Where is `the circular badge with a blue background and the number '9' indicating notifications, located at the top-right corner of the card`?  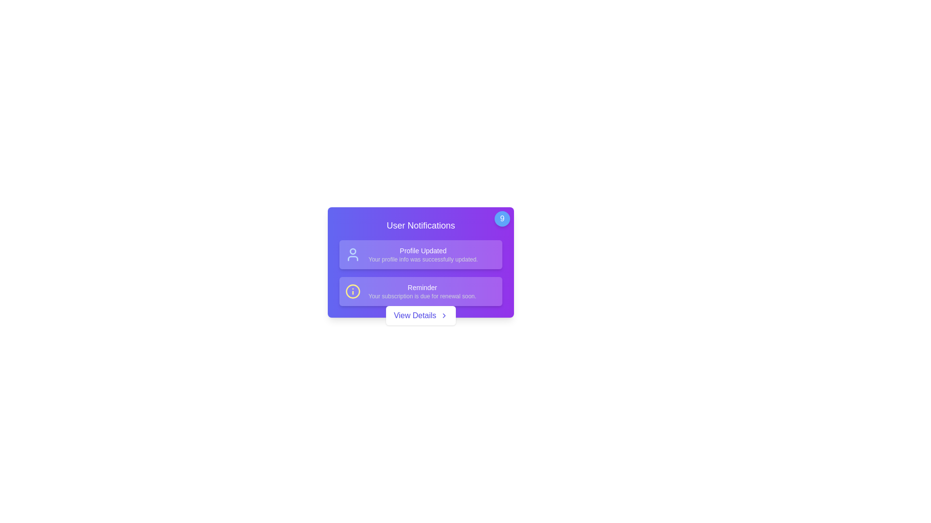 the circular badge with a blue background and the number '9' indicating notifications, located at the top-right corner of the card is located at coordinates (502, 218).